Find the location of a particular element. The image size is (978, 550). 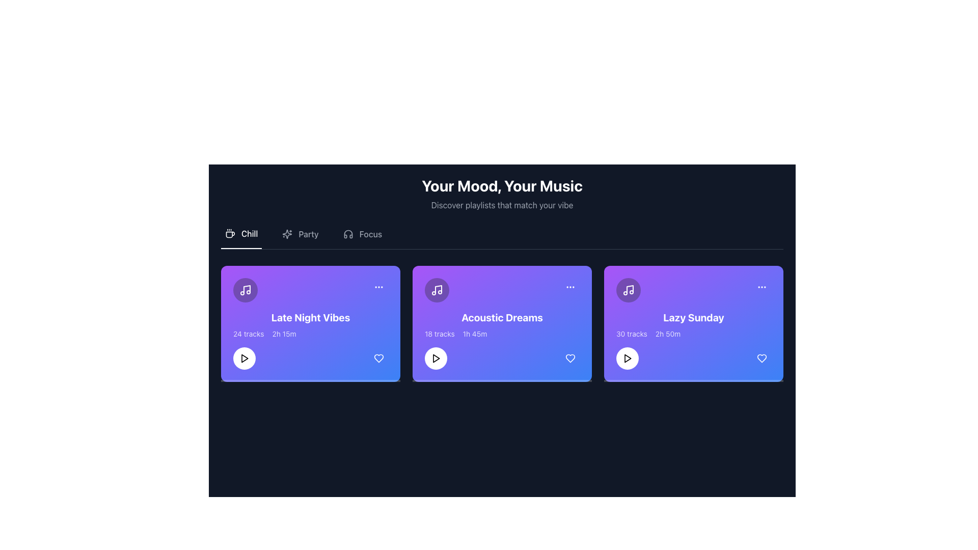

the prominent white circular button with a black play icon located in the center of the middle card is located at coordinates (436, 358).